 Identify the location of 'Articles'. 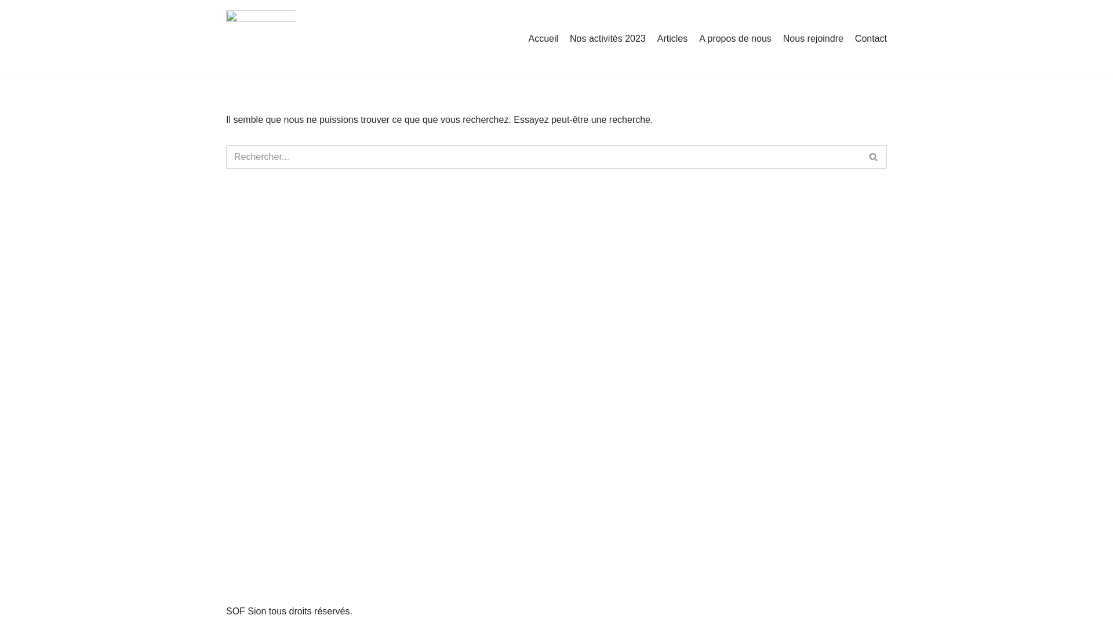
(672, 38).